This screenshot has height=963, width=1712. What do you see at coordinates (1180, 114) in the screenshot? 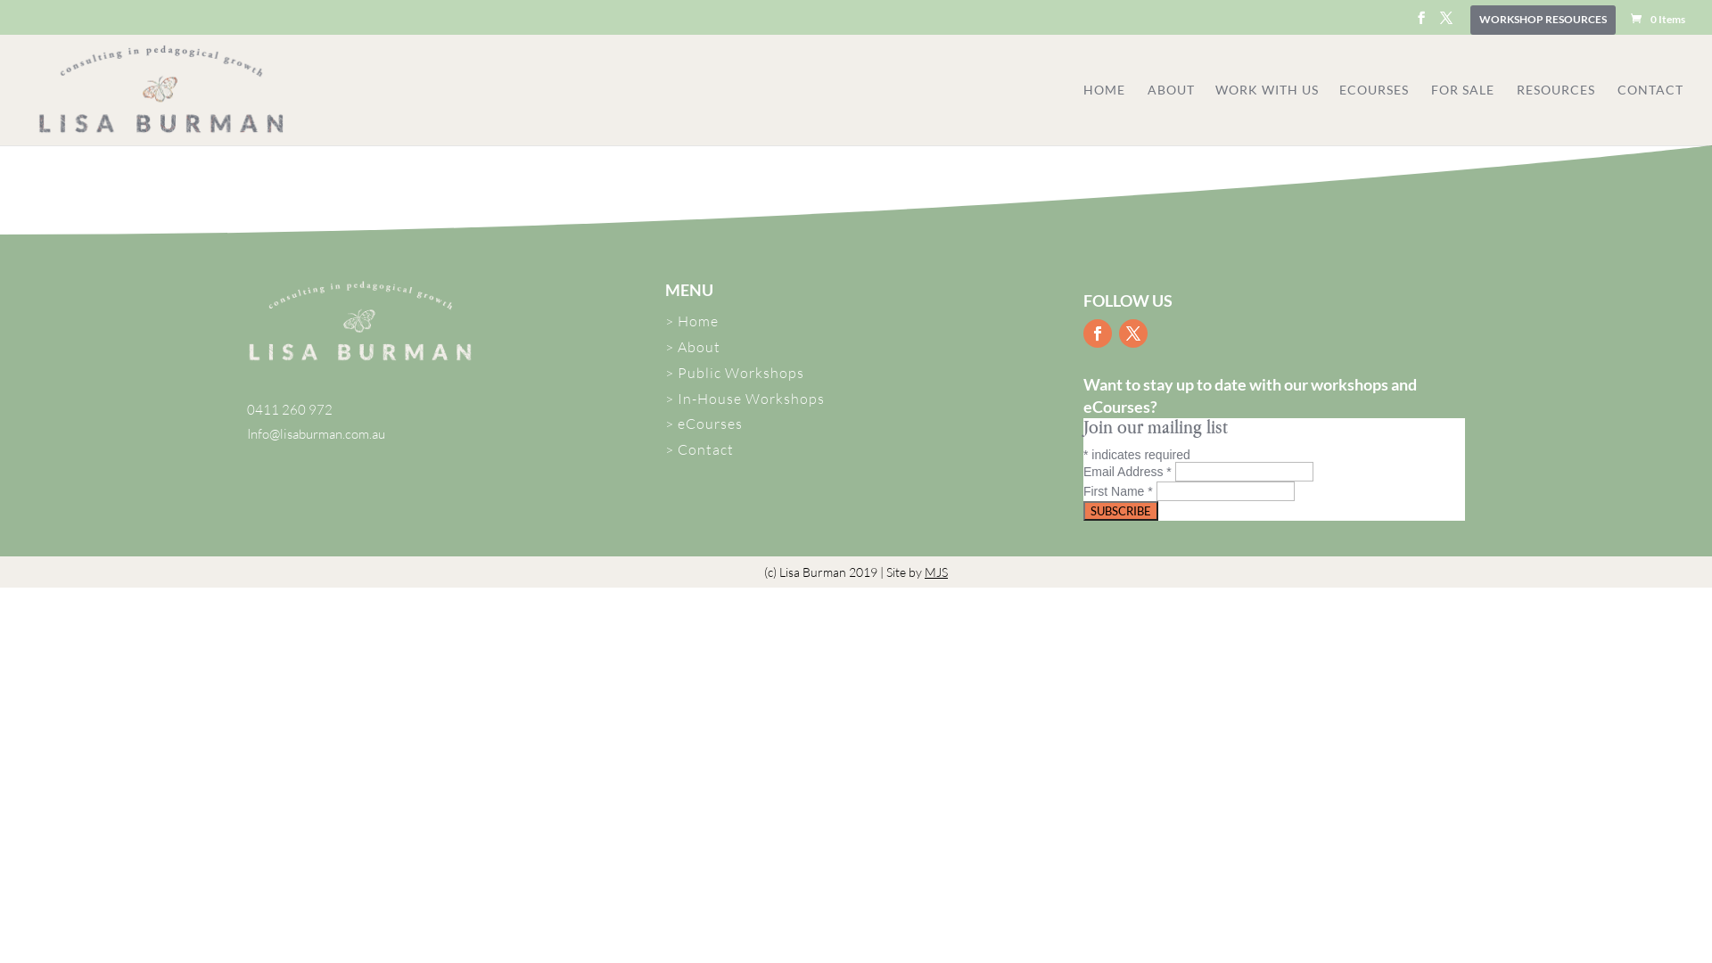
I see `'ABOUT'` at bounding box center [1180, 114].